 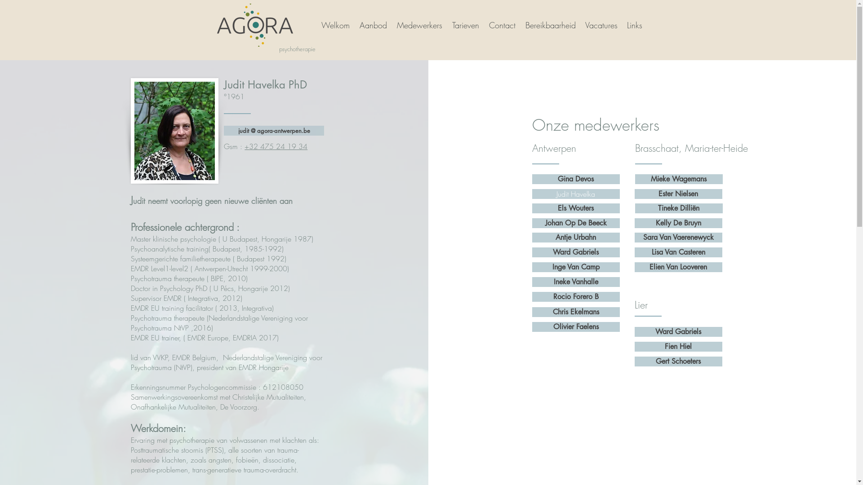 What do you see at coordinates (678, 252) in the screenshot?
I see `'Lisa Van Casteren'` at bounding box center [678, 252].